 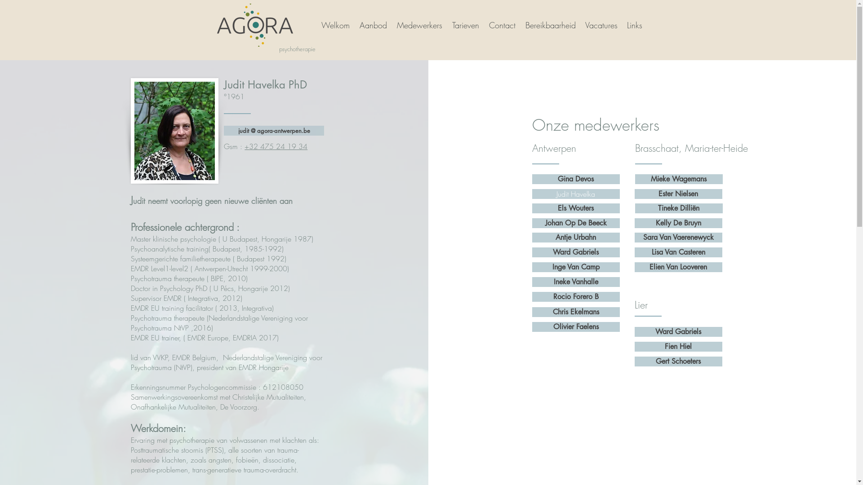 What do you see at coordinates (678, 252) in the screenshot?
I see `'Lisa Van Casteren'` at bounding box center [678, 252].